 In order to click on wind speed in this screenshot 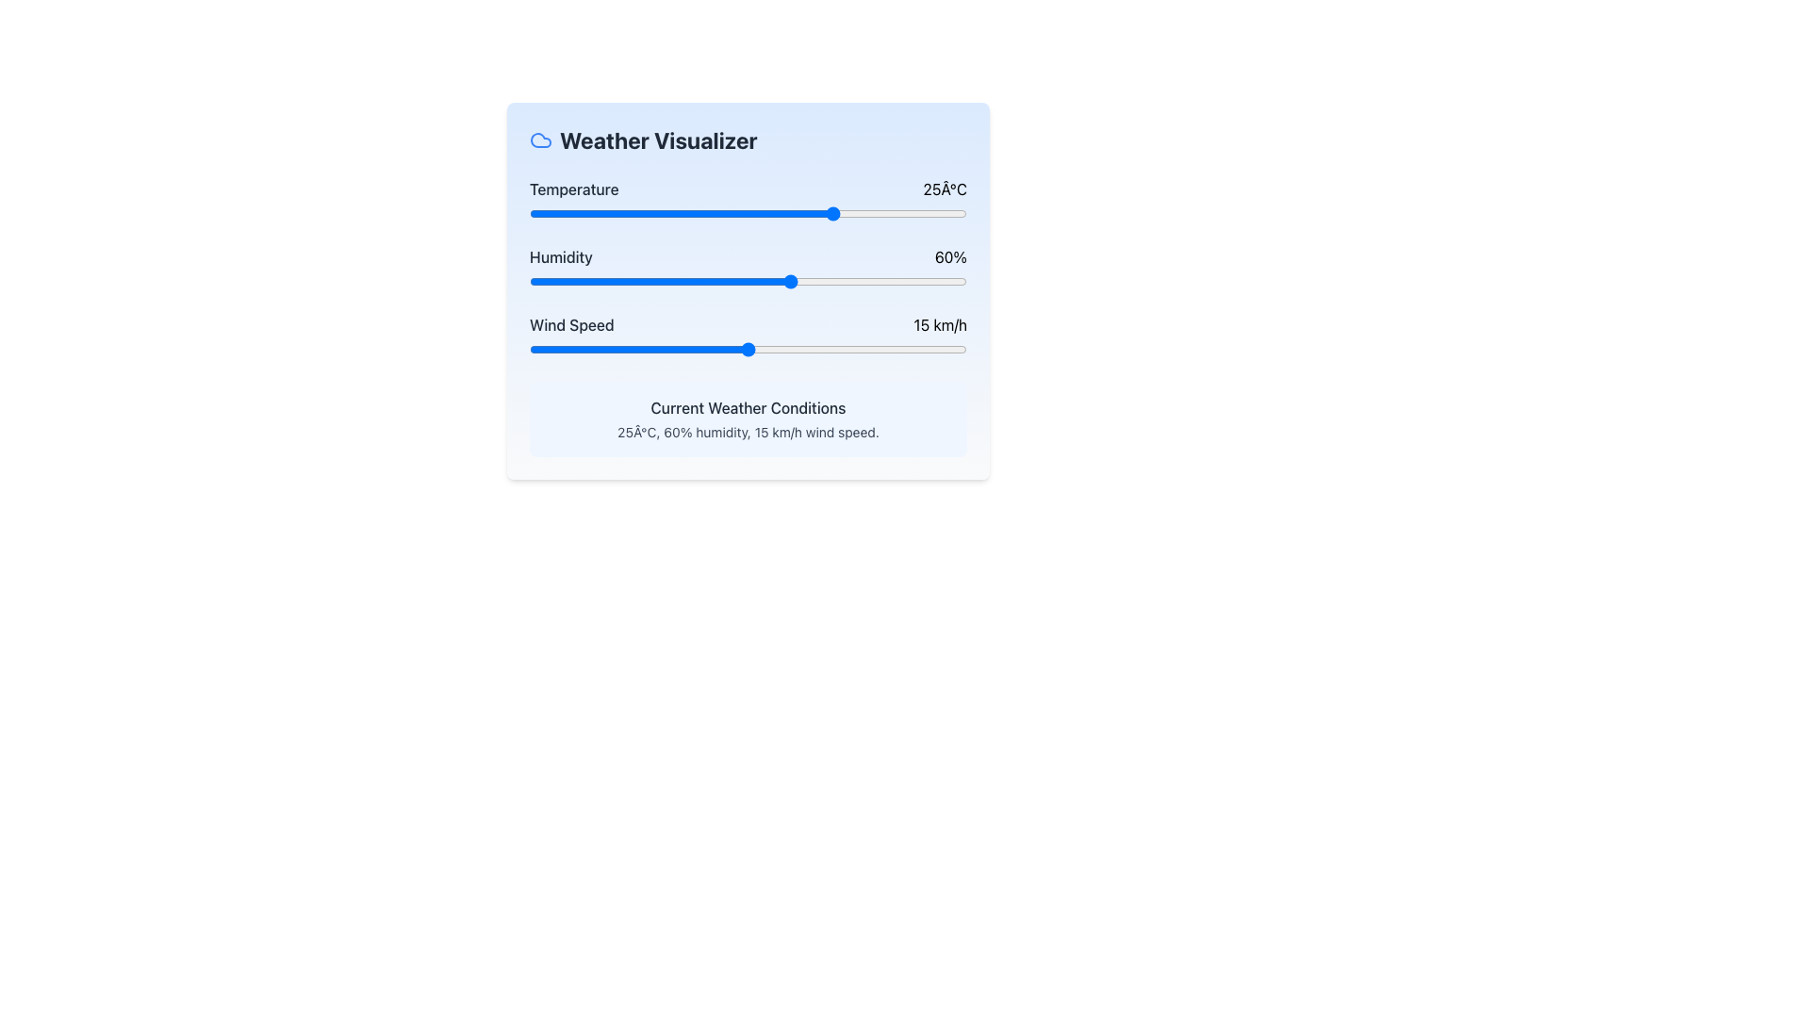, I will do `click(646, 349)`.